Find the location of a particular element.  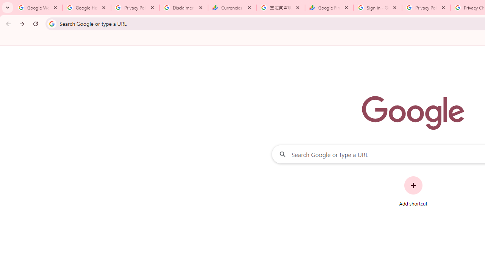

'Sign in - Google Accounts' is located at coordinates (378, 8).